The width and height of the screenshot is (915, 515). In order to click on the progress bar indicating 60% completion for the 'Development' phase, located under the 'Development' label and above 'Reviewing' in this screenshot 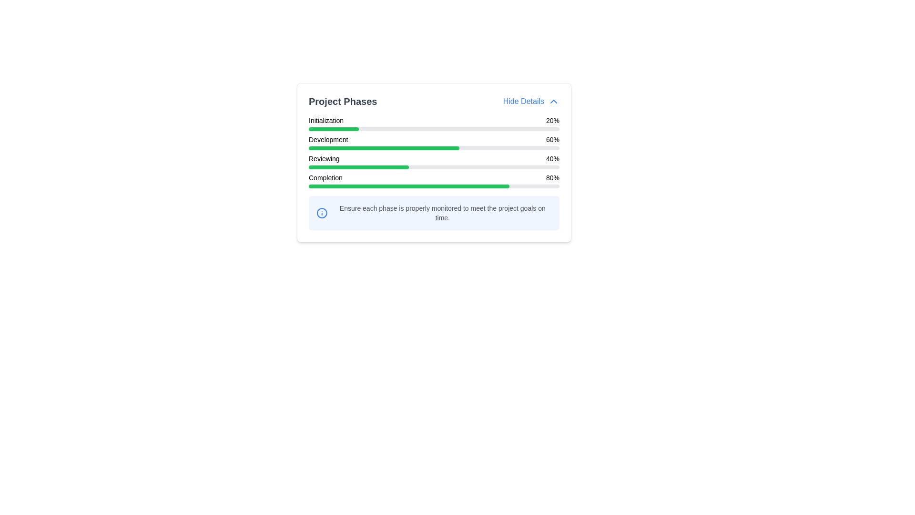, I will do `click(434, 148)`.